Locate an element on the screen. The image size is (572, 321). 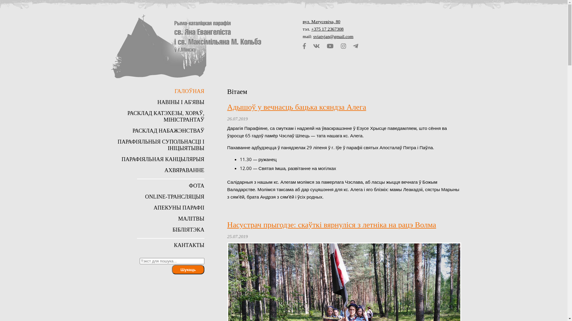
'sviatyjan@gmail.com' is located at coordinates (333, 36).